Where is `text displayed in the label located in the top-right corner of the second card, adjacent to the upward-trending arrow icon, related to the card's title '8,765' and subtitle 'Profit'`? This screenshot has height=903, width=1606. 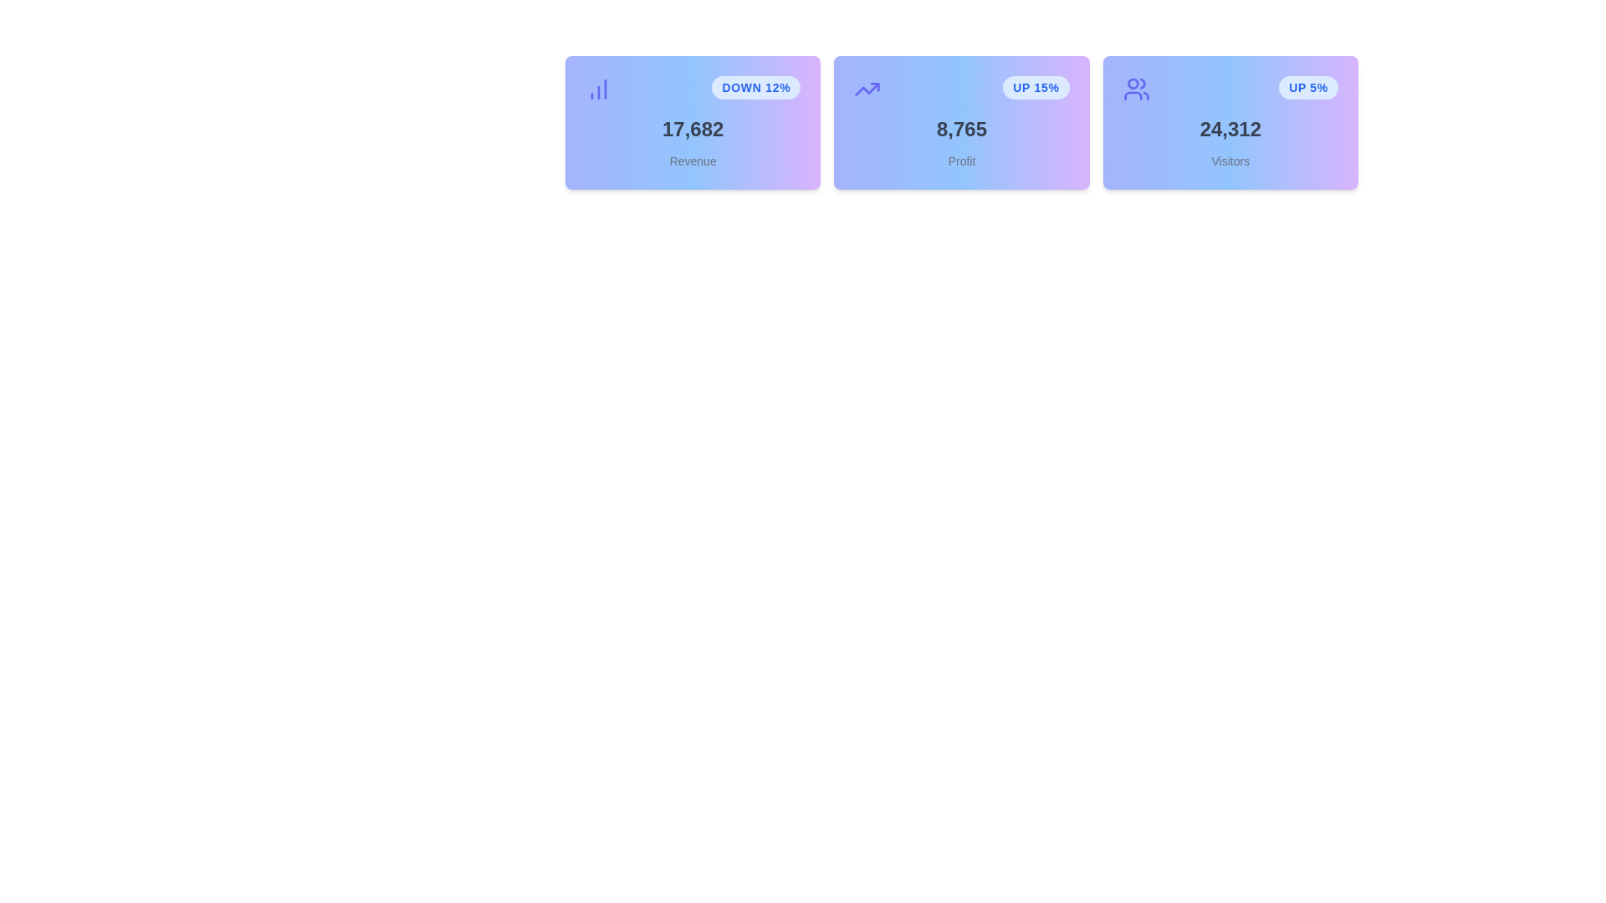
text displayed in the label located in the top-right corner of the second card, adjacent to the upward-trending arrow icon, related to the card's title '8,765' and subtitle 'Profit' is located at coordinates (1035, 87).